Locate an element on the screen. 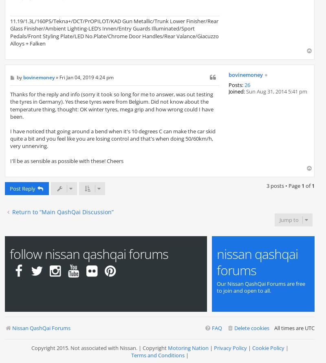 The width and height of the screenshot is (326, 363). 'Nissan Qashqai Forums' is located at coordinates (257, 262).